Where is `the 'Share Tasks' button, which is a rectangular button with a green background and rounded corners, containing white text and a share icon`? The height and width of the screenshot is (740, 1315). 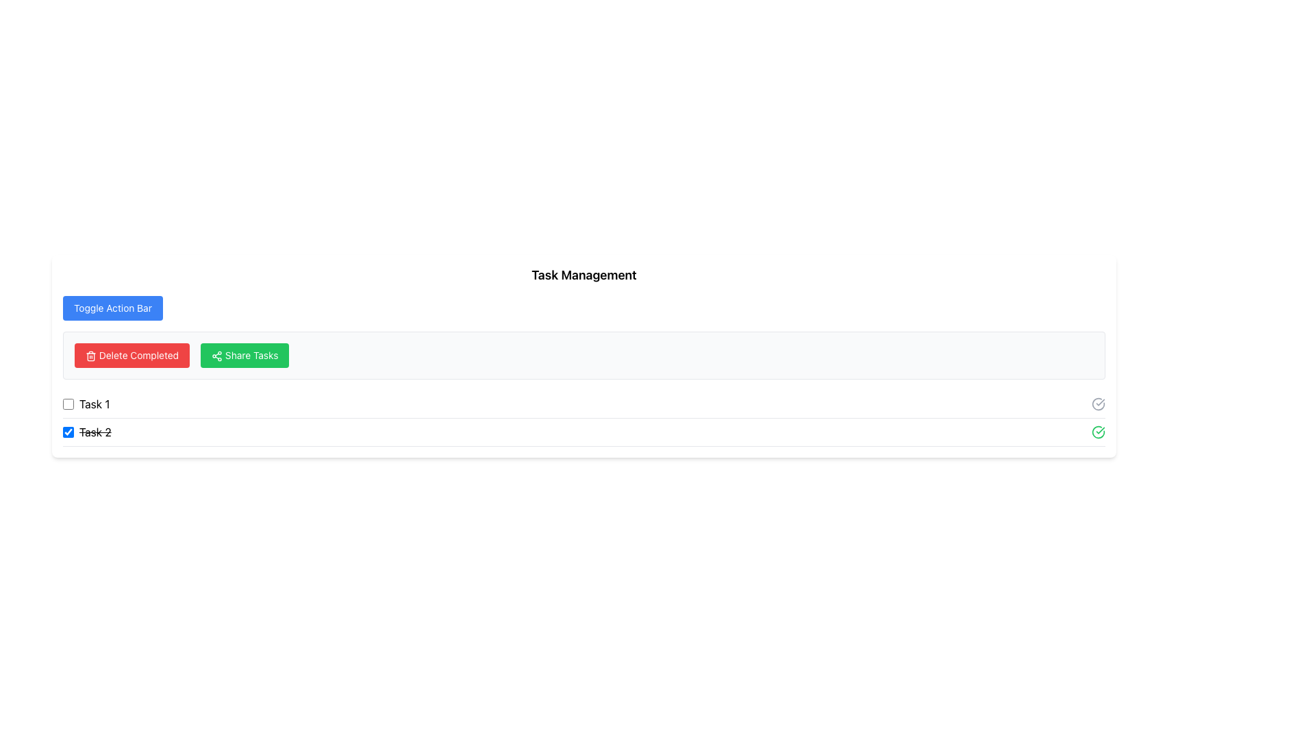
the 'Share Tasks' button, which is a rectangular button with a green background and rounded corners, containing white text and a share icon is located at coordinates (245, 355).